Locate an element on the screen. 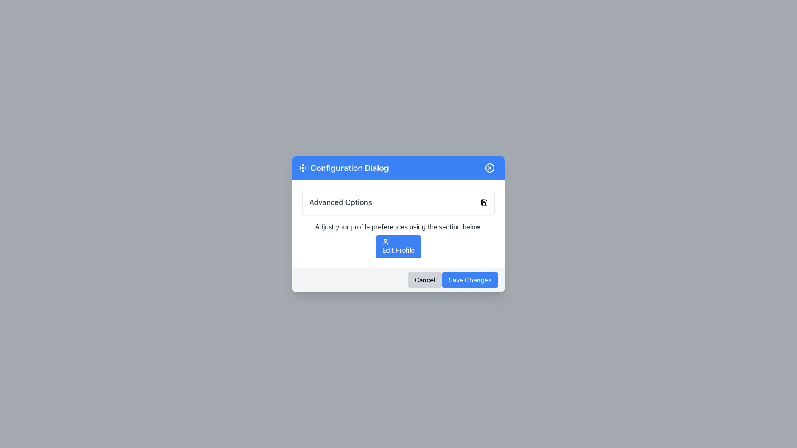 The height and width of the screenshot is (448, 797). the 'Save Changes' button, which has a blue background and white centered text, located in the bottom-right corner of the 'Configuration Dialog' is located at coordinates (470, 280).